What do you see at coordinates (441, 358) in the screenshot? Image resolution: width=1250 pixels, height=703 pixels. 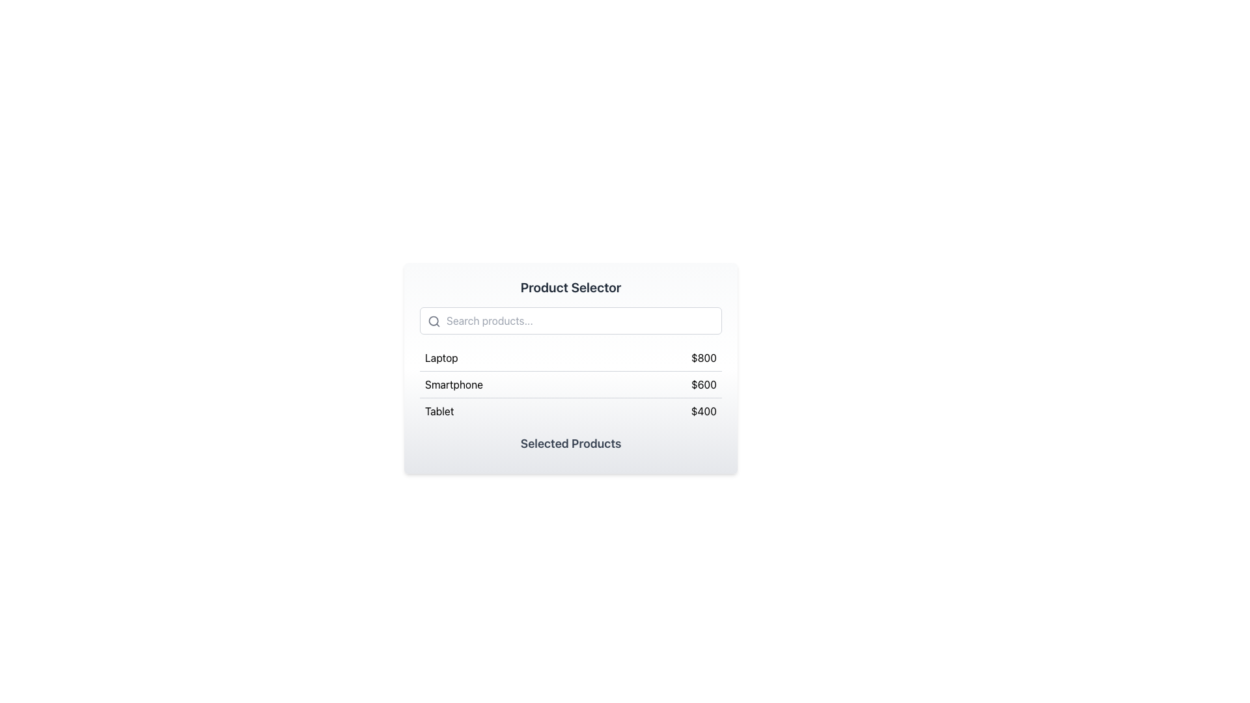 I see `text label indicating the product name located in the first row of the selection list, positioned to the far left of the row` at bounding box center [441, 358].